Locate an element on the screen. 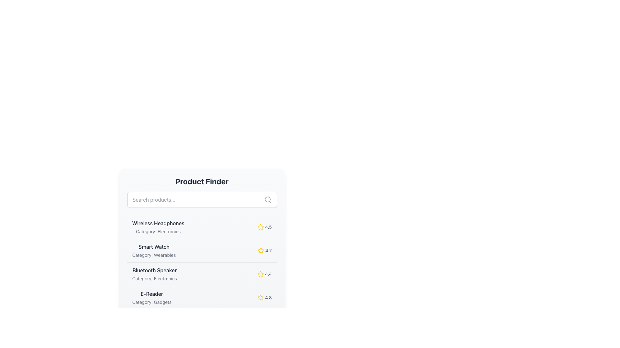 Image resolution: width=620 pixels, height=348 pixels. the text label that reads 'Category: Wearables', which is styled with a smaller font size and gray color, located directly below the 'Smart Watch' text is located at coordinates (153, 255).